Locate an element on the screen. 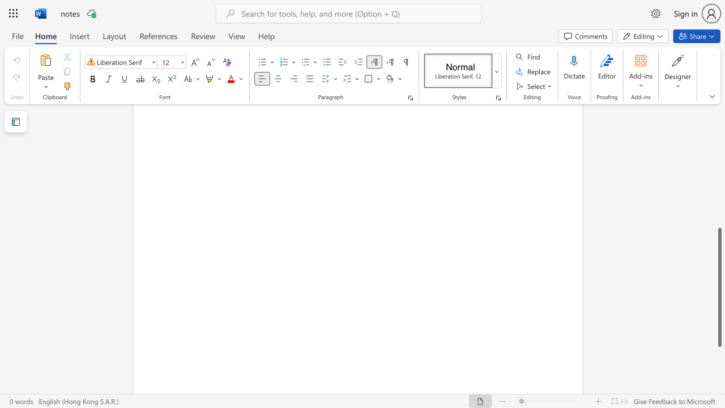 The width and height of the screenshot is (725, 408). the scrollbar on the right to shift the page higher is located at coordinates (719, 180).